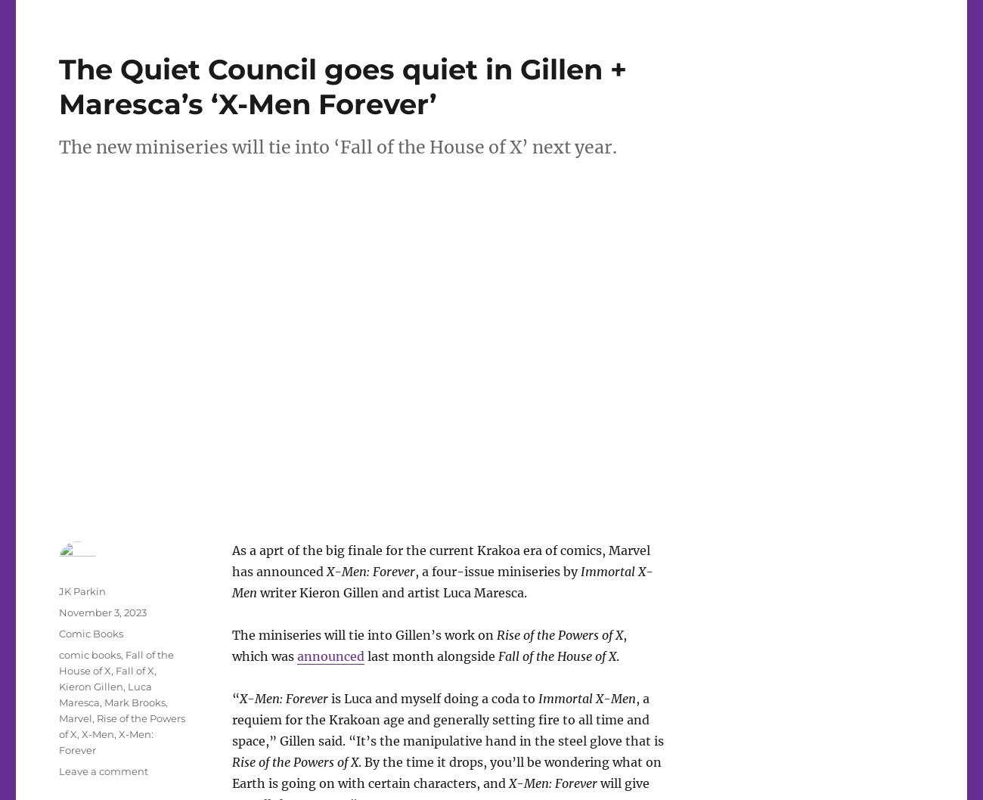  I want to click on 'announced', so click(329, 655).